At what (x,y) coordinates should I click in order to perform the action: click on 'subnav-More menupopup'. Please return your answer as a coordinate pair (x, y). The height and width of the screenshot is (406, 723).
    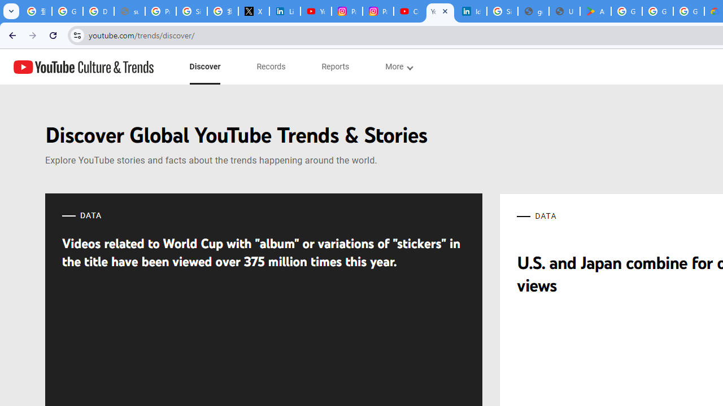
    Looking at the image, I should click on (399, 67).